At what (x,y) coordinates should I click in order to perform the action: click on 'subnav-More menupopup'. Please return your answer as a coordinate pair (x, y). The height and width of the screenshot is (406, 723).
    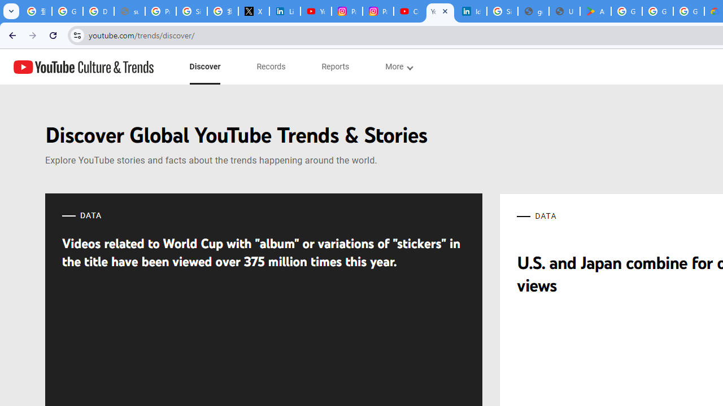
    Looking at the image, I should click on (399, 67).